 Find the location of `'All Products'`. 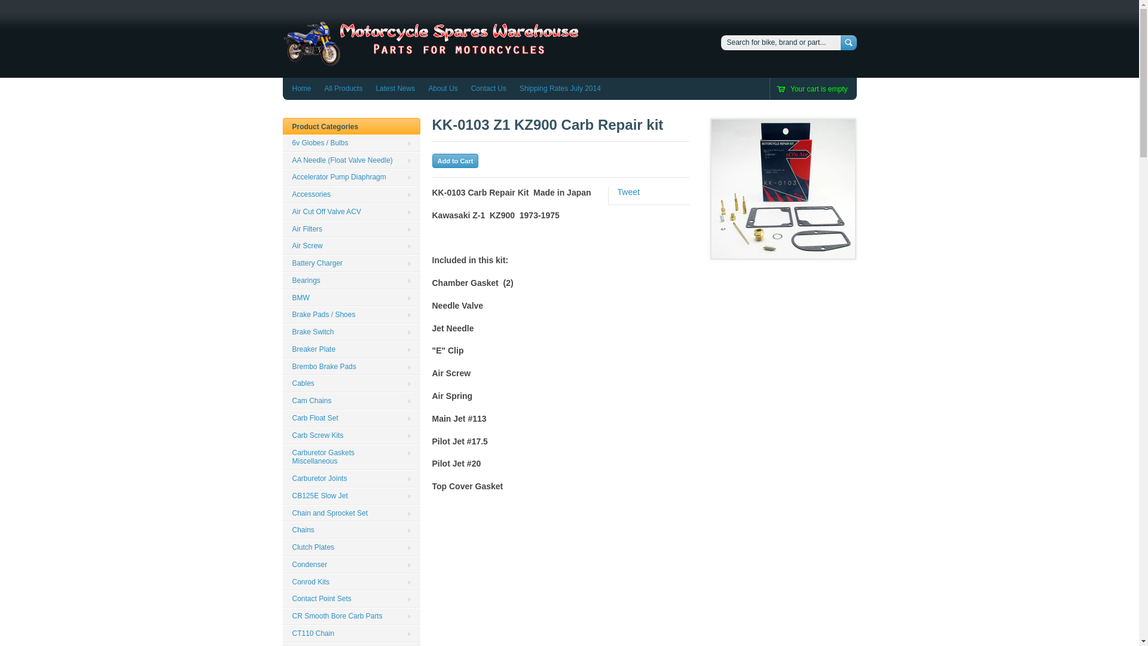

'All Products' is located at coordinates (320, 88).